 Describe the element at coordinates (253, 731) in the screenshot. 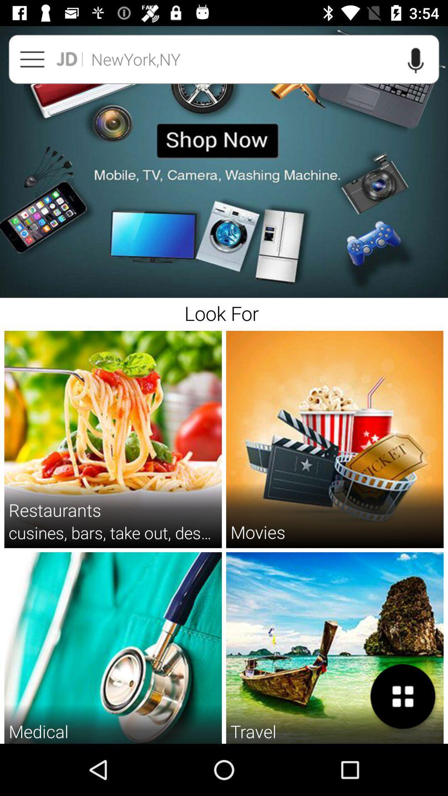

I see `the item above flights hotels cruises item` at that location.